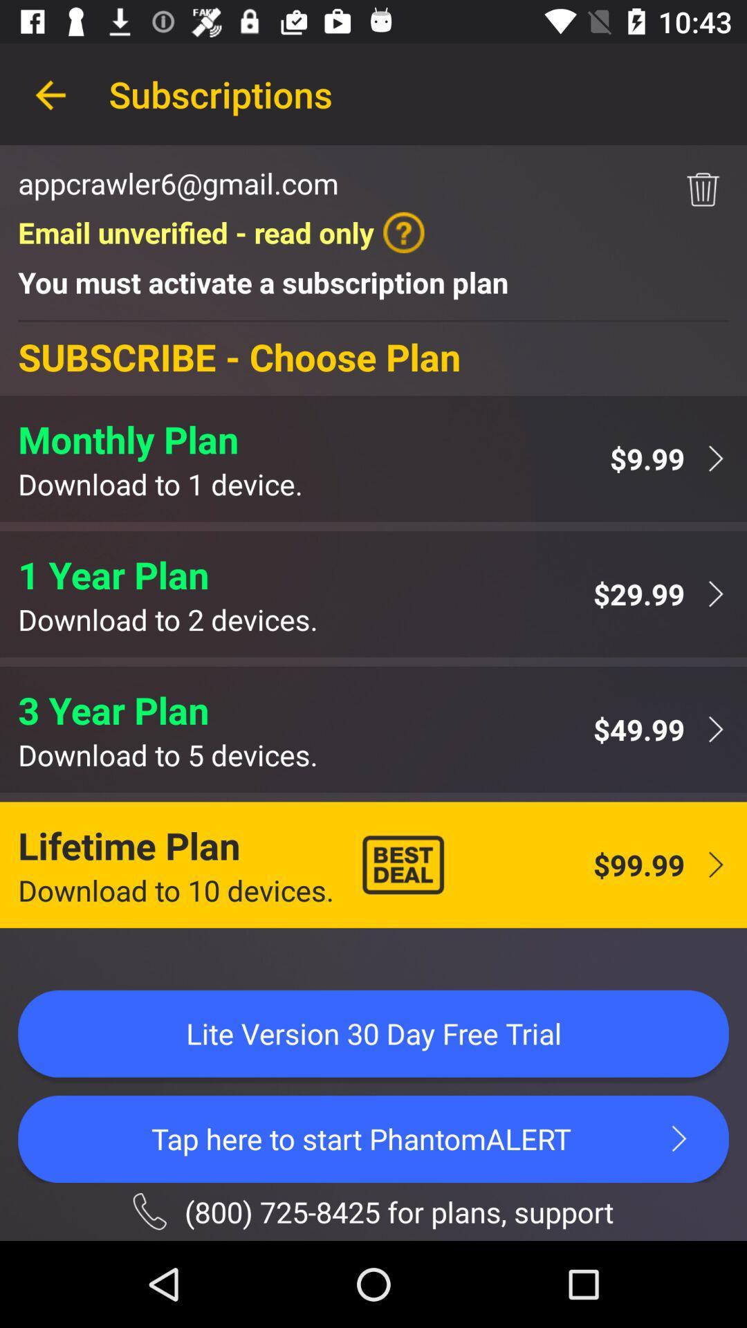 Image resolution: width=747 pixels, height=1328 pixels. I want to click on item above 800 725 8425 icon, so click(373, 1138).